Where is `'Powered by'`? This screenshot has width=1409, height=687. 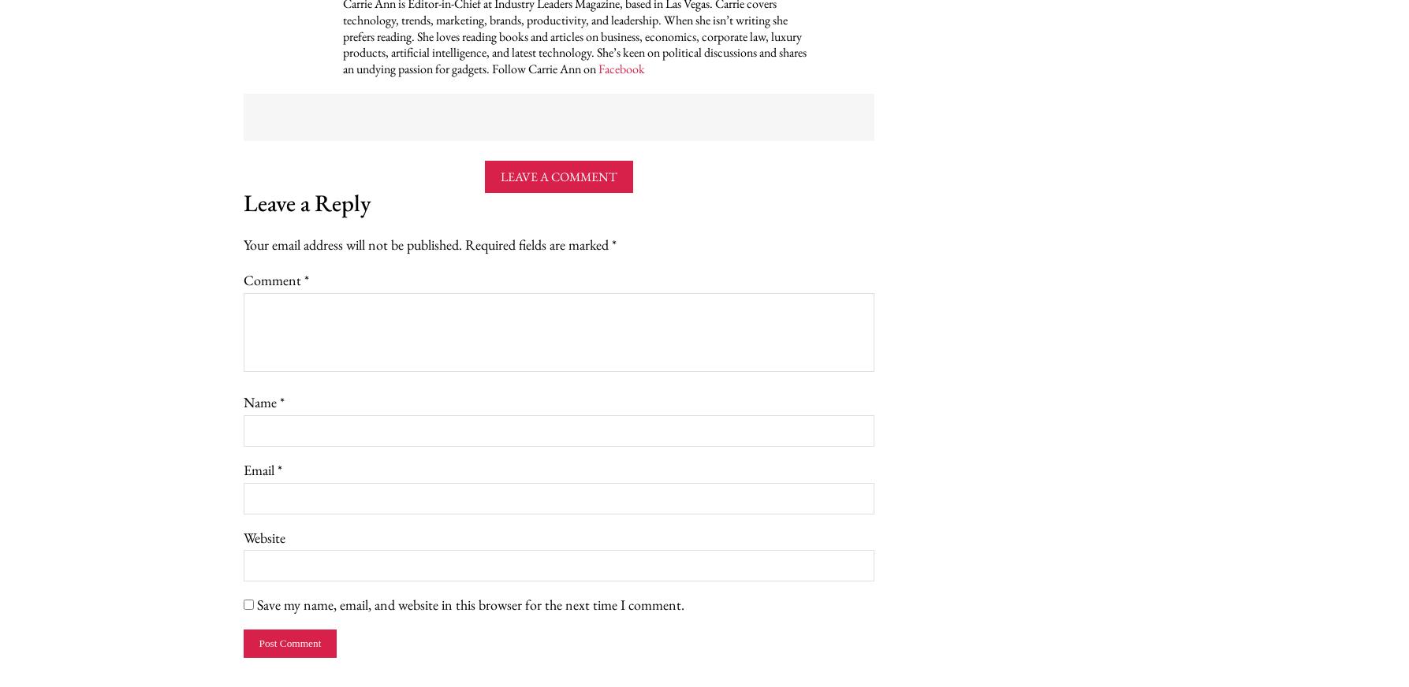 'Powered by' is located at coordinates (205, 111).